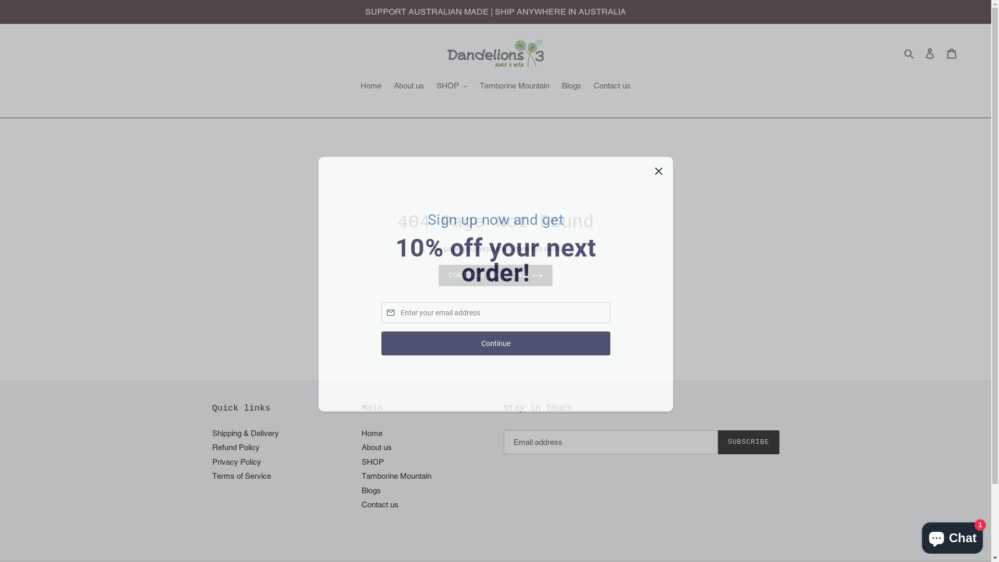  Describe the element at coordinates (452, 86) in the screenshot. I see `'SHOP'` at that location.